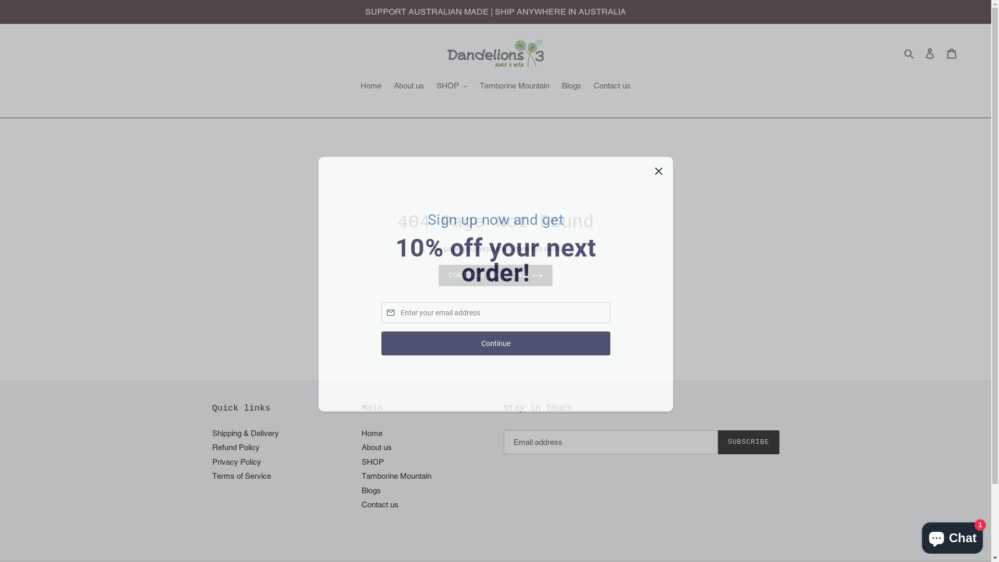  Describe the element at coordinates (452, 86) in the screenshot. I see `'SHOP'` at that location.